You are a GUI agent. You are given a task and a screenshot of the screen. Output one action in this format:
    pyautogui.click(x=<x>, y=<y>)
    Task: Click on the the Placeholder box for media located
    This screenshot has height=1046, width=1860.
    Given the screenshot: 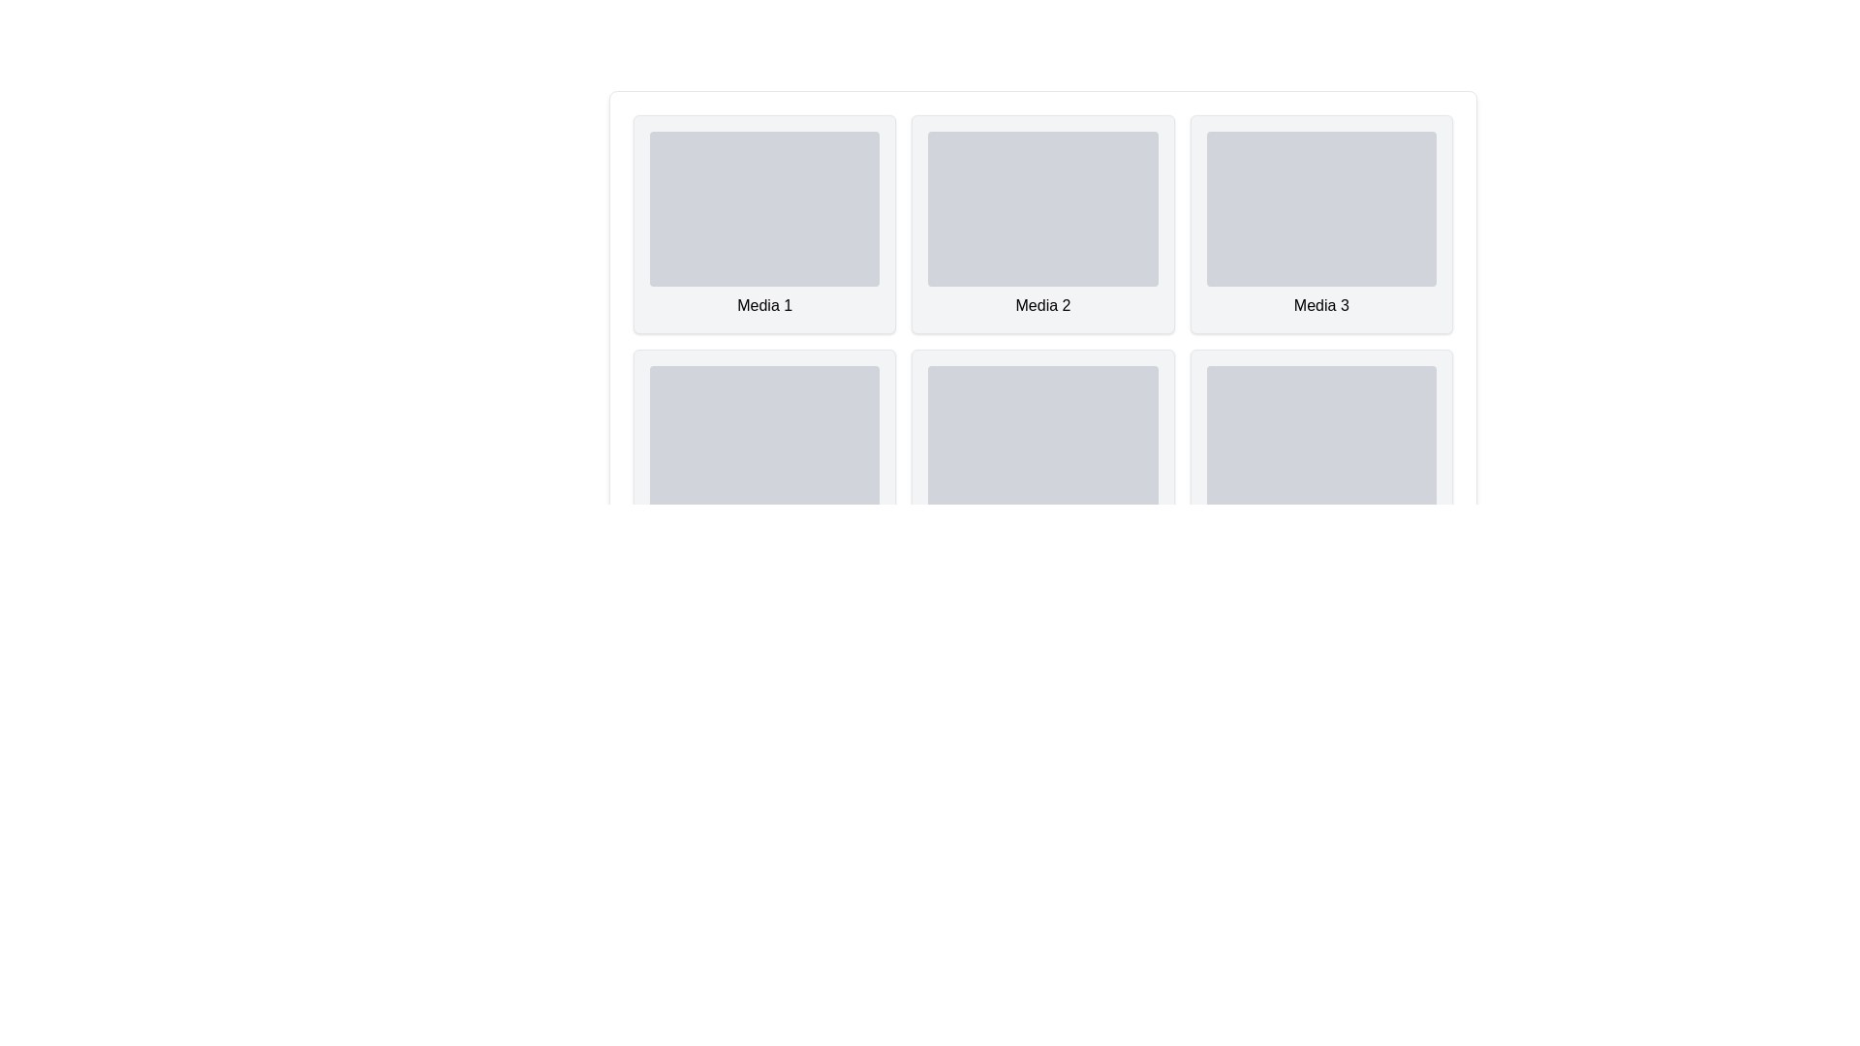 What is the action you would take?
    pyautogui.click(x=763, y=209)
    